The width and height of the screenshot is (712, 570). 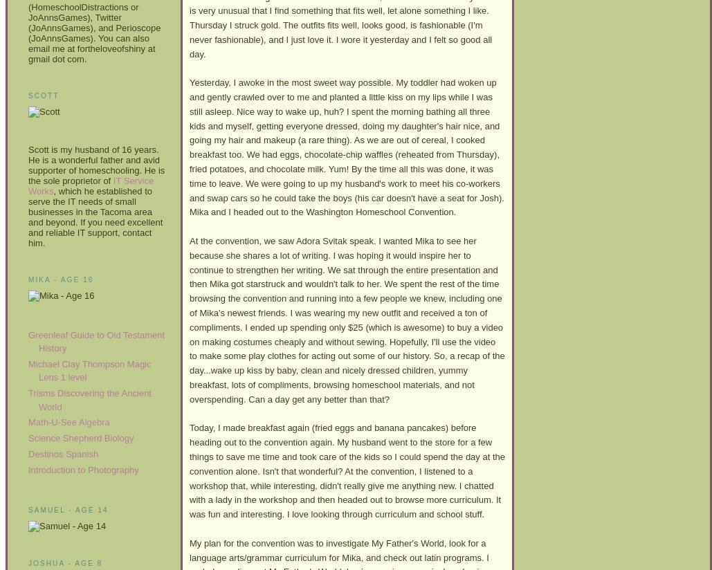 I want to click on 'Science Shepherd Biology', so click(x=80, y=437).